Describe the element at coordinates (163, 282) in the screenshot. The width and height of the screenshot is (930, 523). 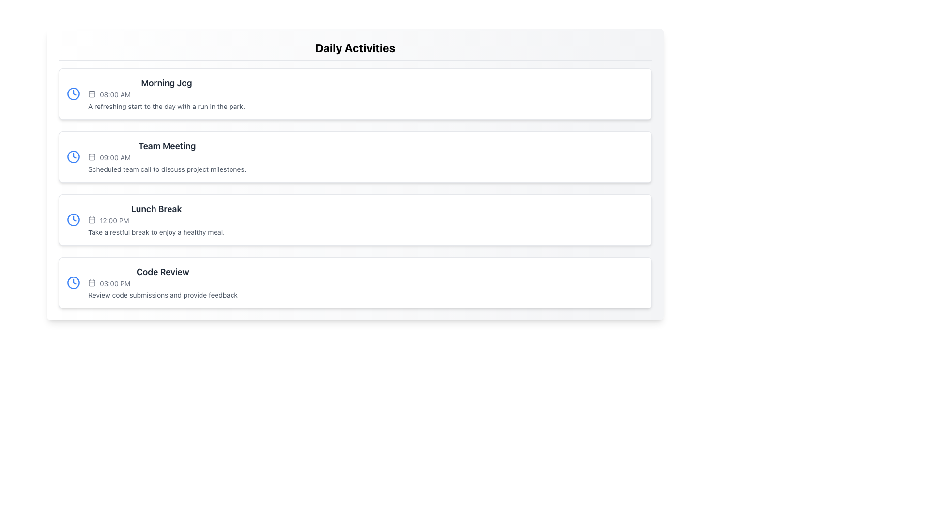
I see `the informational block that provides details about an upcoming activity or appointment, positioned as the fourth item in a vertically stacked list, located below the 'Lunch Break' element` at that location.